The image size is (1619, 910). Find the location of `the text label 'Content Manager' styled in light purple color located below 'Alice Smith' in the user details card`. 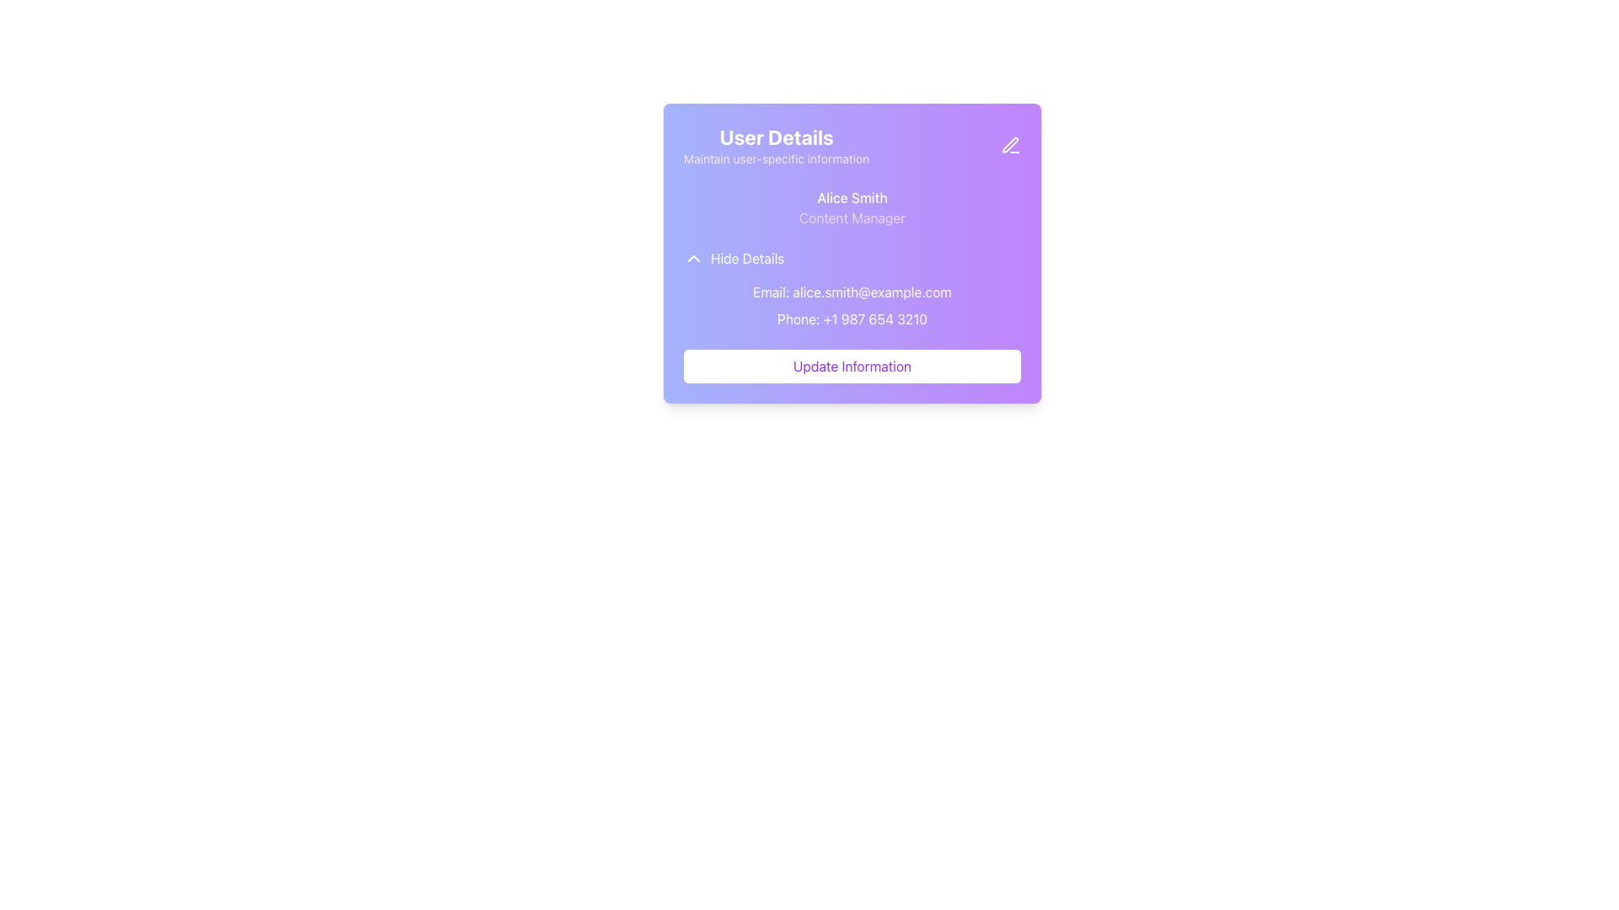

the text label 'Content Manager' styled in light purple color located below 'Alice Smith' in the user details card is located at coordinates (853, 217).